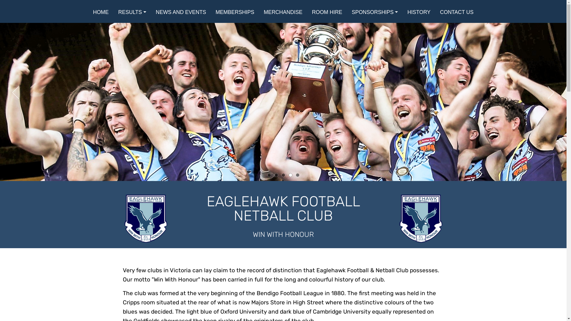 The width and height of the screenshot is (571, 321). What do you see at coordinates (283, 12) in the screenshot?
I see `'MERCHANDISE'` at bounding box center [283, 12].